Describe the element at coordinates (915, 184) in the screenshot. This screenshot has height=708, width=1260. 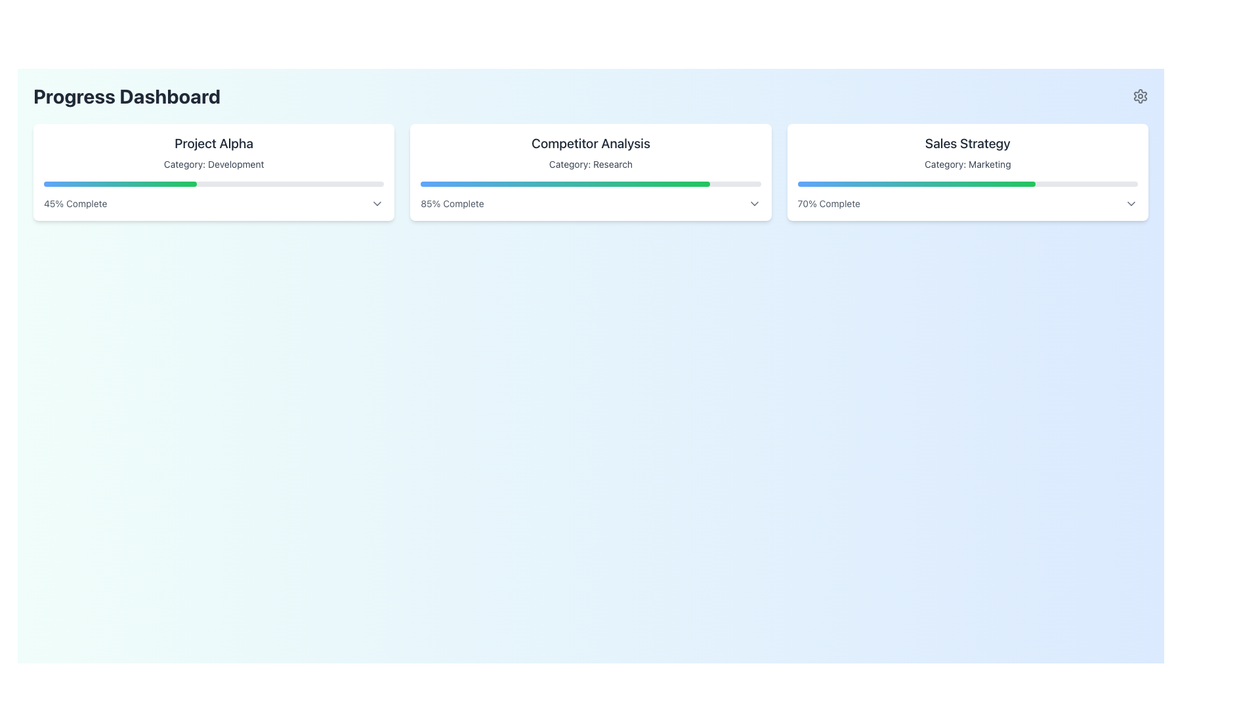
I see `the progress visually by focusing on the gradient fill of the progress bar segment under the 'Sales Strategy' card, which represents the current progress in the tracker` at that location.